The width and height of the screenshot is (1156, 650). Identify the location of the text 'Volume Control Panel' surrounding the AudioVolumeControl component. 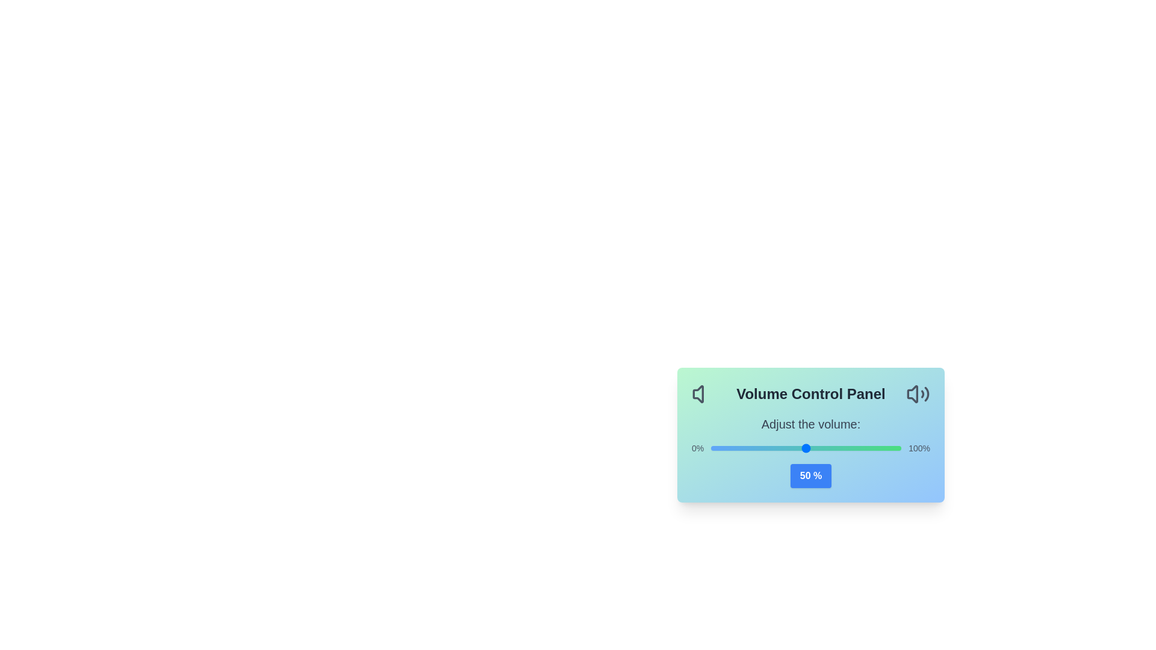
(811, 394).